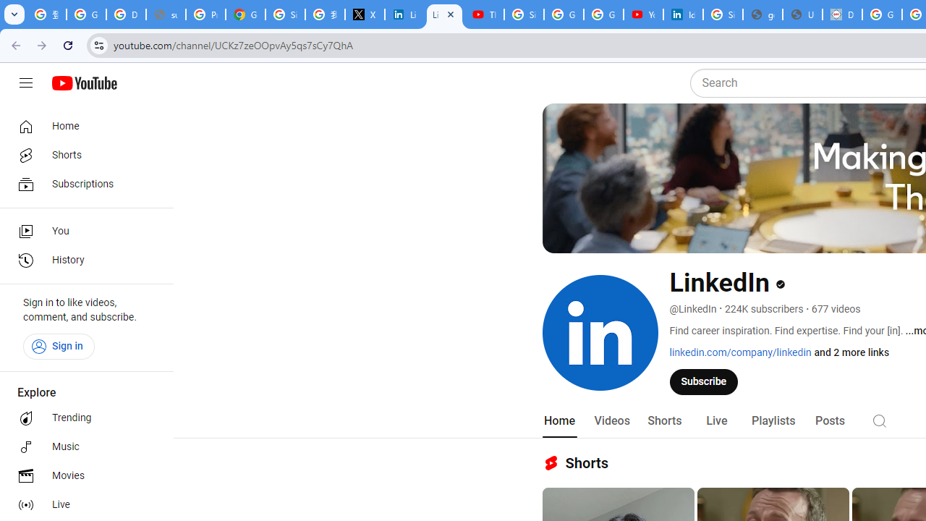 Image resolution: width=926 pixels, height=521 pixels. I want to click on 'Live', so click(716, 420).